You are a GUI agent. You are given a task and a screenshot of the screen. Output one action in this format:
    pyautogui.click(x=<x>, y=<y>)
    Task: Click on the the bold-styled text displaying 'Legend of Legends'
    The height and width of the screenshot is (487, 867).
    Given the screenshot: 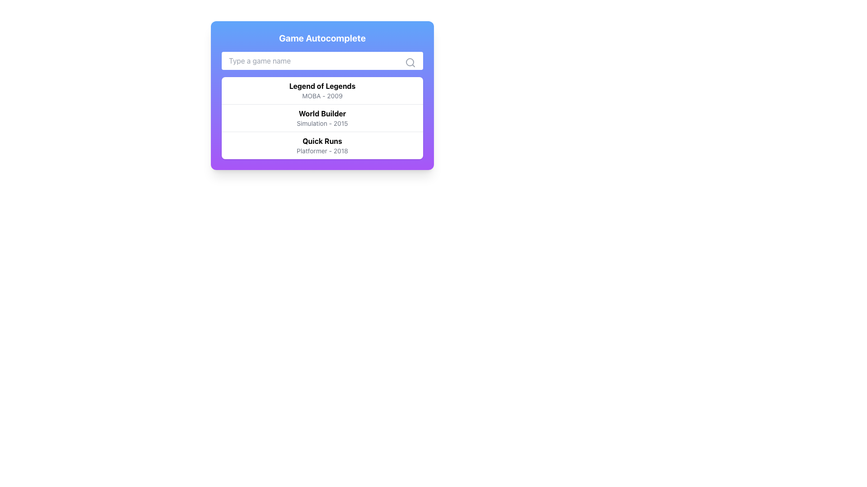 What is the action you would take?
    pyautogui.click(x=322, y=86)
    